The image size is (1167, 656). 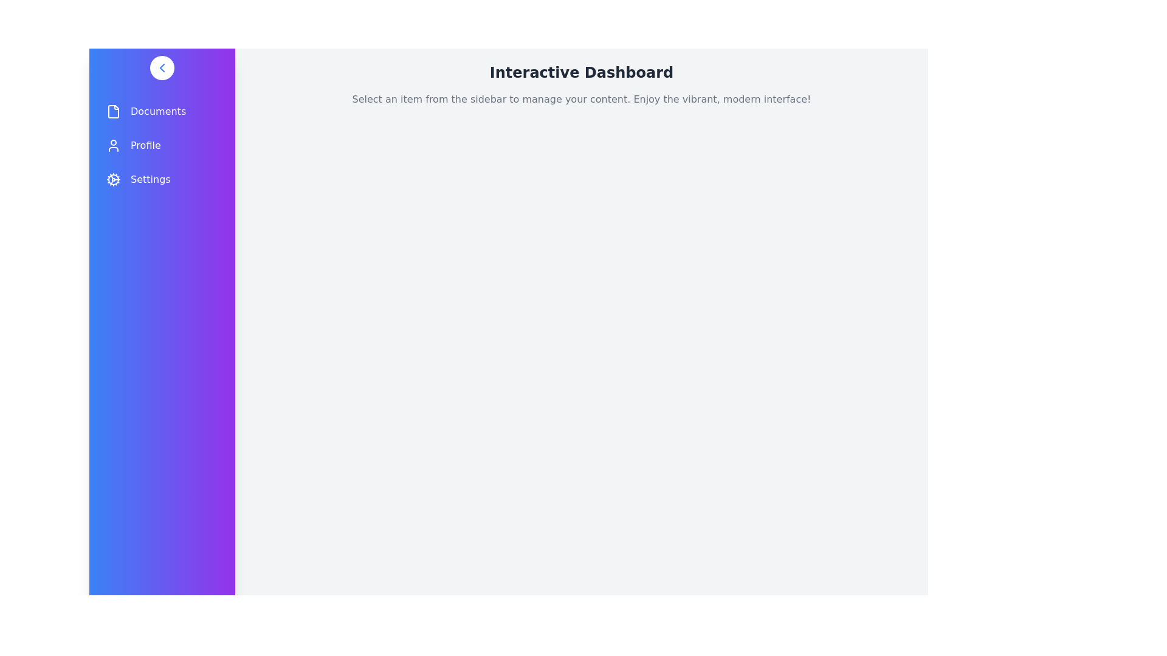 What do you see at coordinates (162, 145) in the screenshot?
I see `the navigation item labeled Profile` at bounding box center [162, 145].